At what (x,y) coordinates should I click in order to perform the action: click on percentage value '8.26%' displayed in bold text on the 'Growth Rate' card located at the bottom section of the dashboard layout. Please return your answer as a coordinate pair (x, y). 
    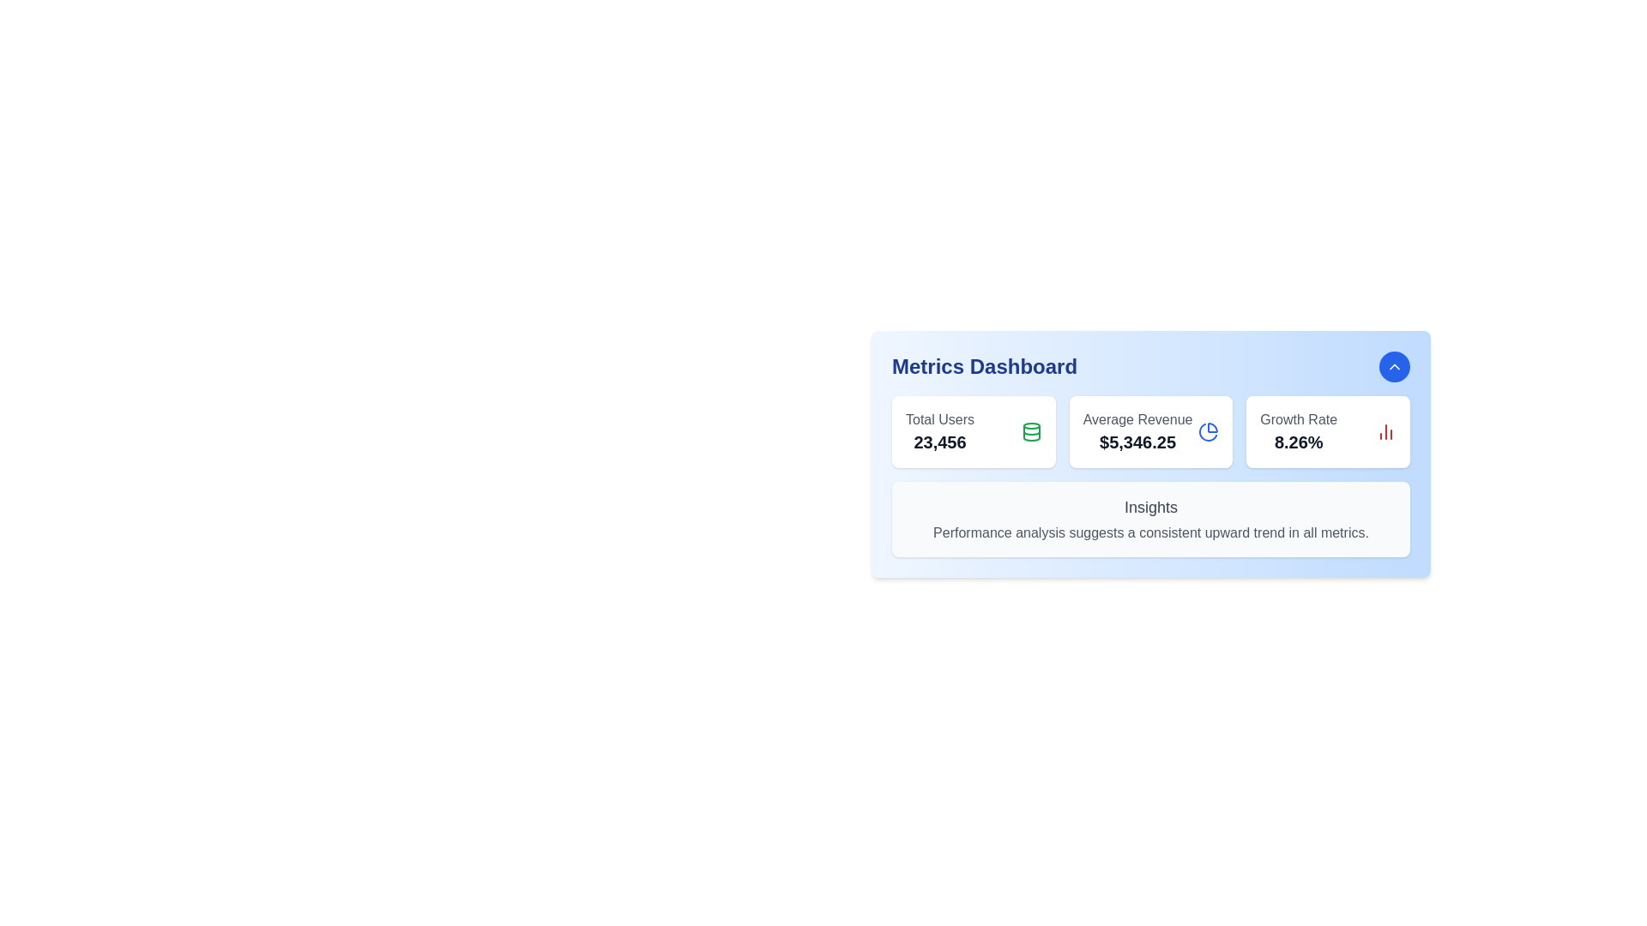
    Looking at the image, I should click on (1299, 442).